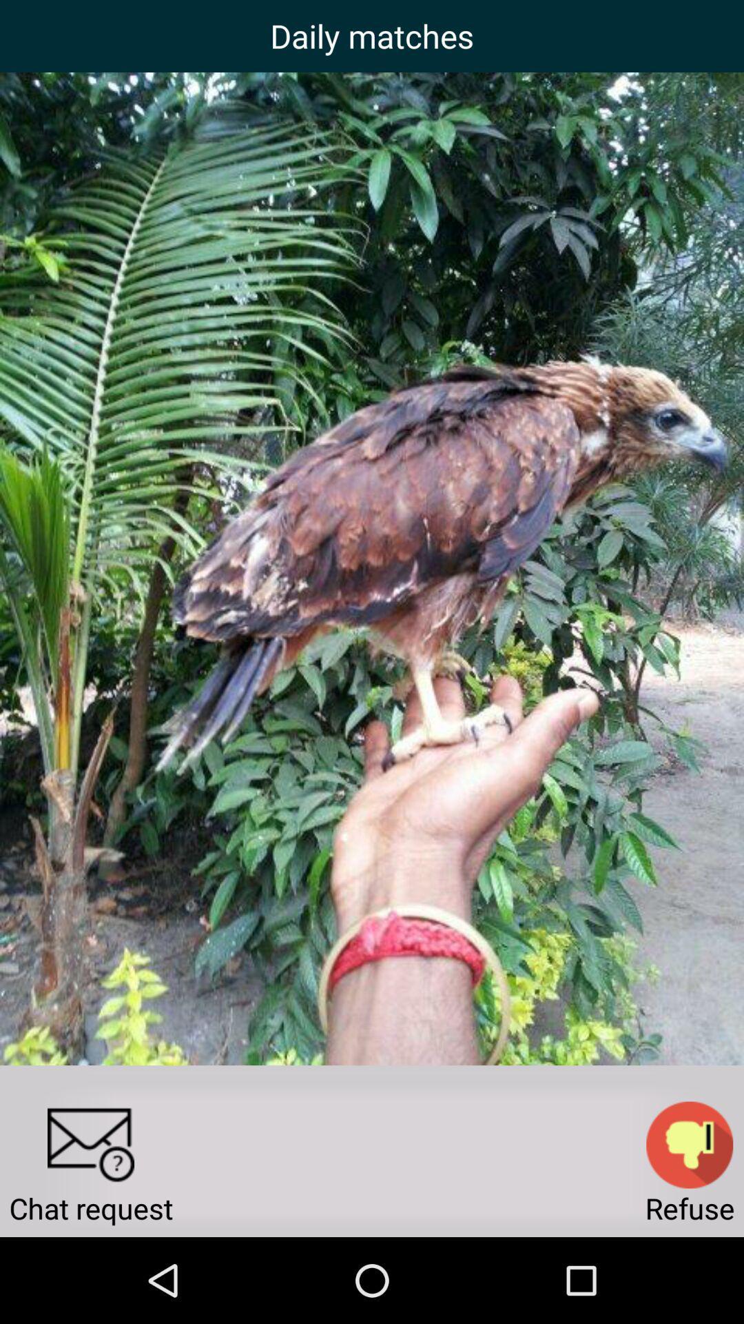 This screenshot has width=744, height=1324. I want to click on the icon to the left of the refuse app, so click(90, 1145).